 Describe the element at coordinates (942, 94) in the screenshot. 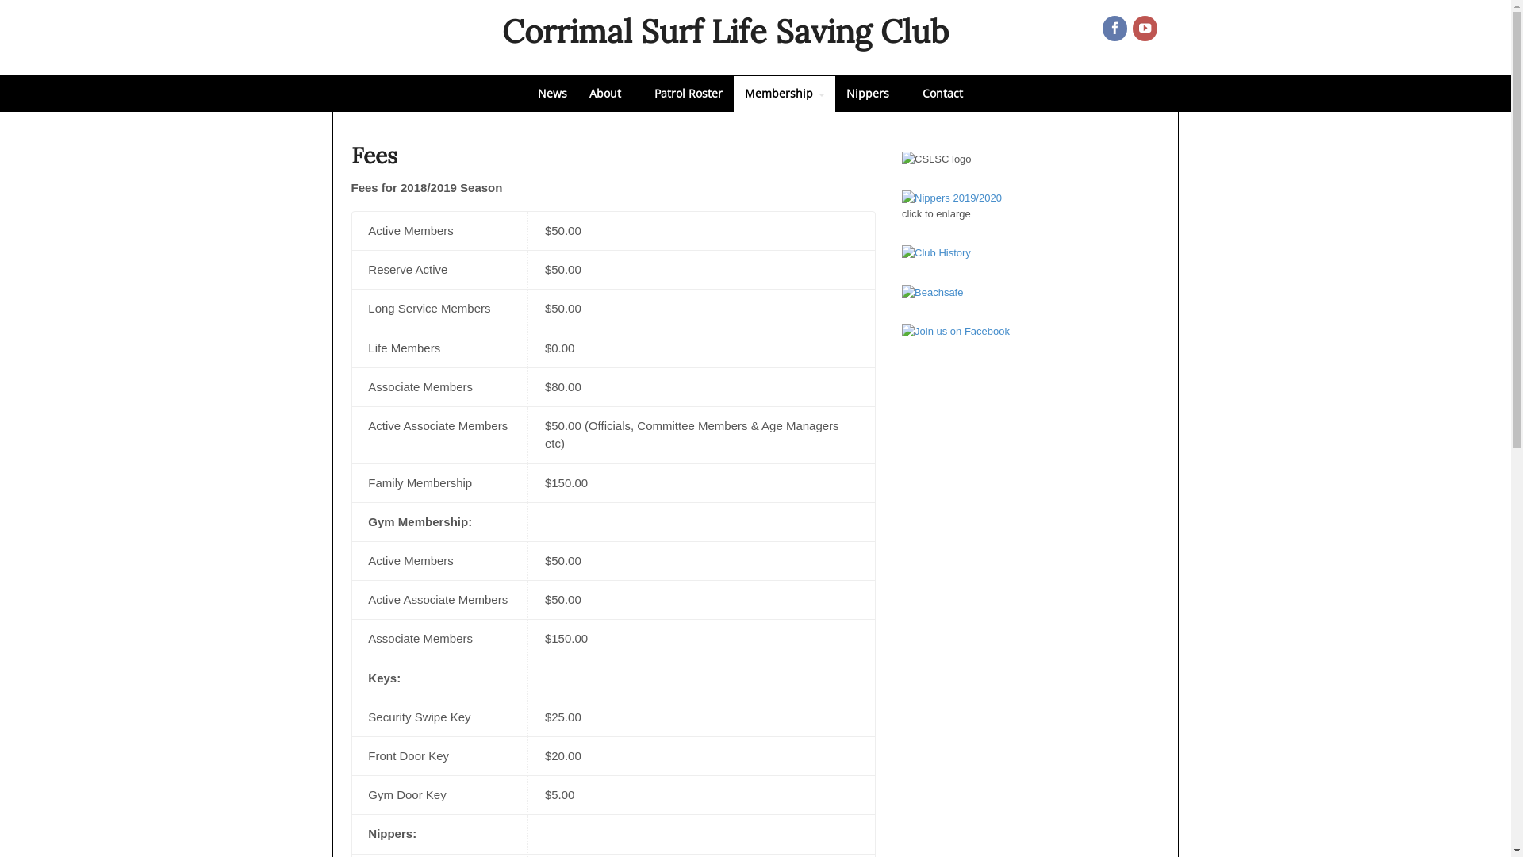

I see `'Contact'` at that location.